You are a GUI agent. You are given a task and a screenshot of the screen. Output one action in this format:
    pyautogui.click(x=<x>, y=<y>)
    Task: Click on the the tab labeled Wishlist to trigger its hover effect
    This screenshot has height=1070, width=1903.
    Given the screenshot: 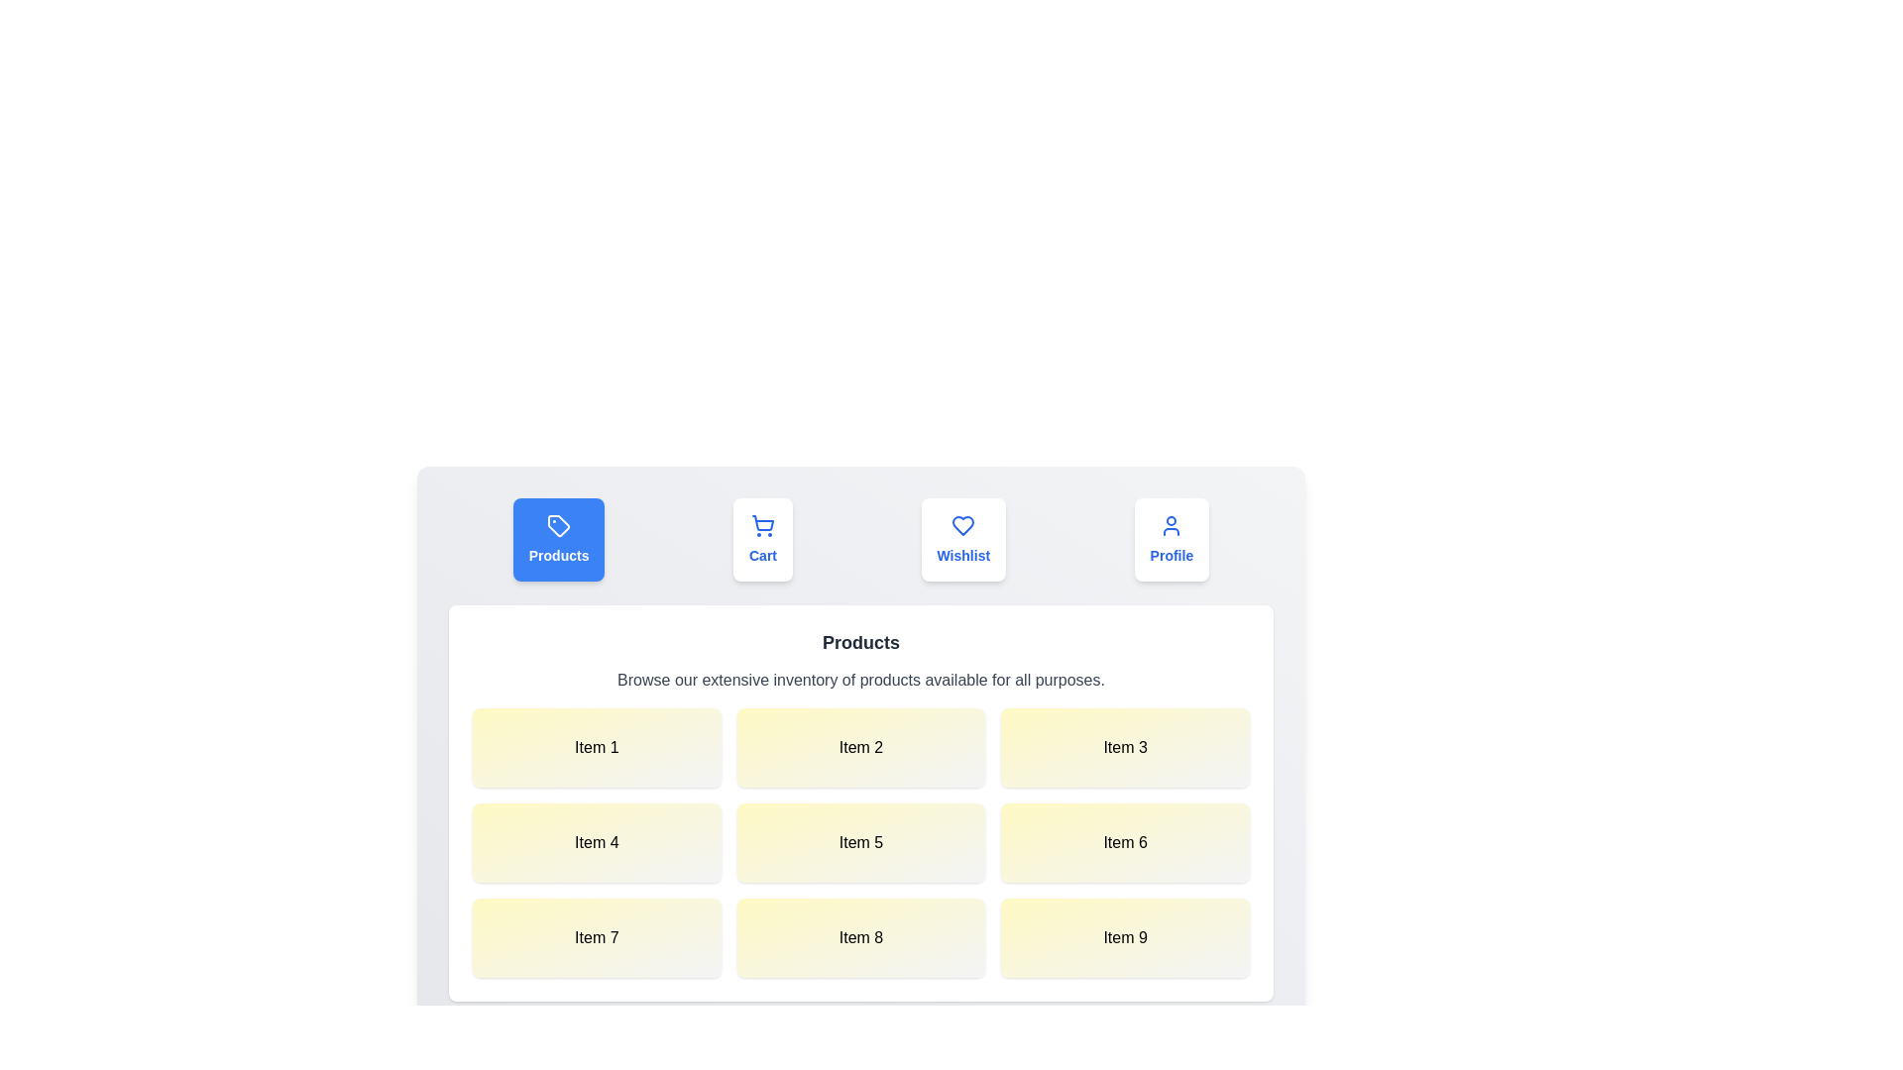 What is the action you would take?
    pyautogui.click(x=963, y=539)
    